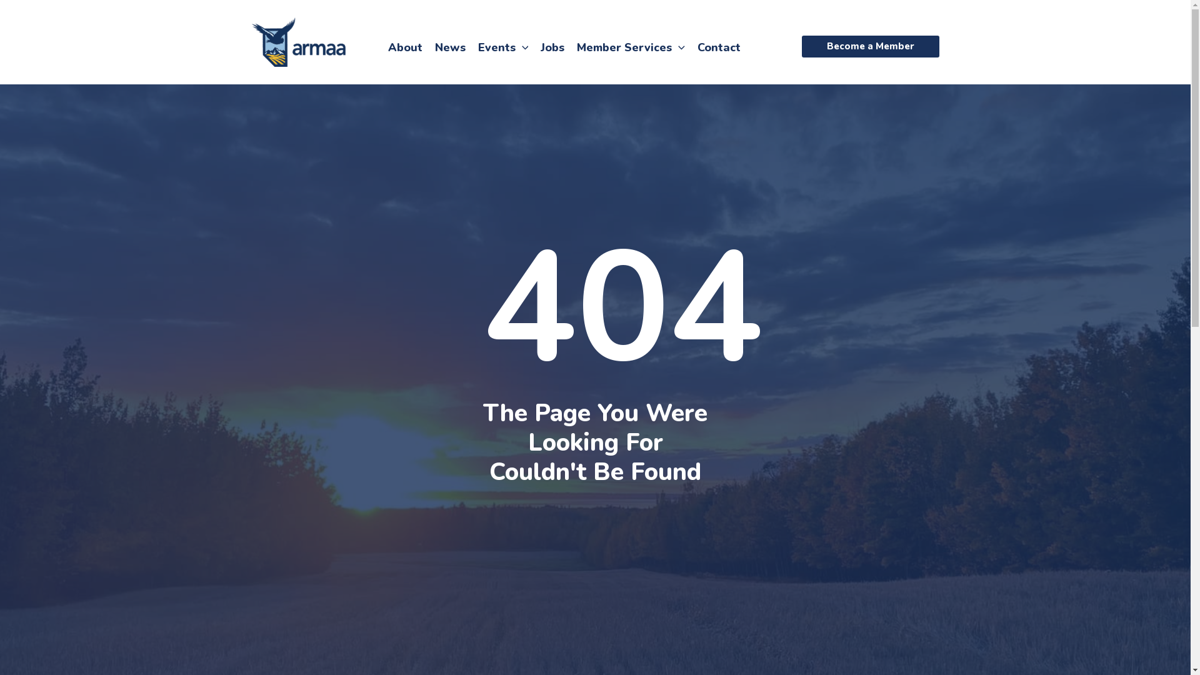 The height and width of the screenshot is (675, 1200). Describe the element at coordinates (502, 46) in the screenshot. I see `'Events'` at that location.